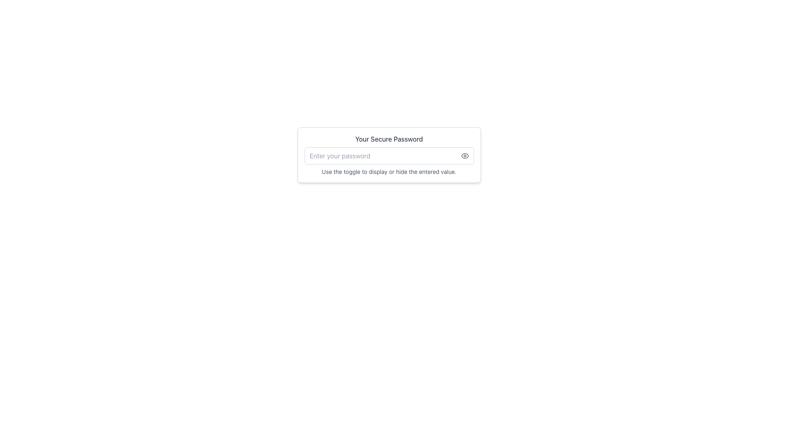  I want to click on the visibility toggle button for the password input field to change its color, so click(465, 156).